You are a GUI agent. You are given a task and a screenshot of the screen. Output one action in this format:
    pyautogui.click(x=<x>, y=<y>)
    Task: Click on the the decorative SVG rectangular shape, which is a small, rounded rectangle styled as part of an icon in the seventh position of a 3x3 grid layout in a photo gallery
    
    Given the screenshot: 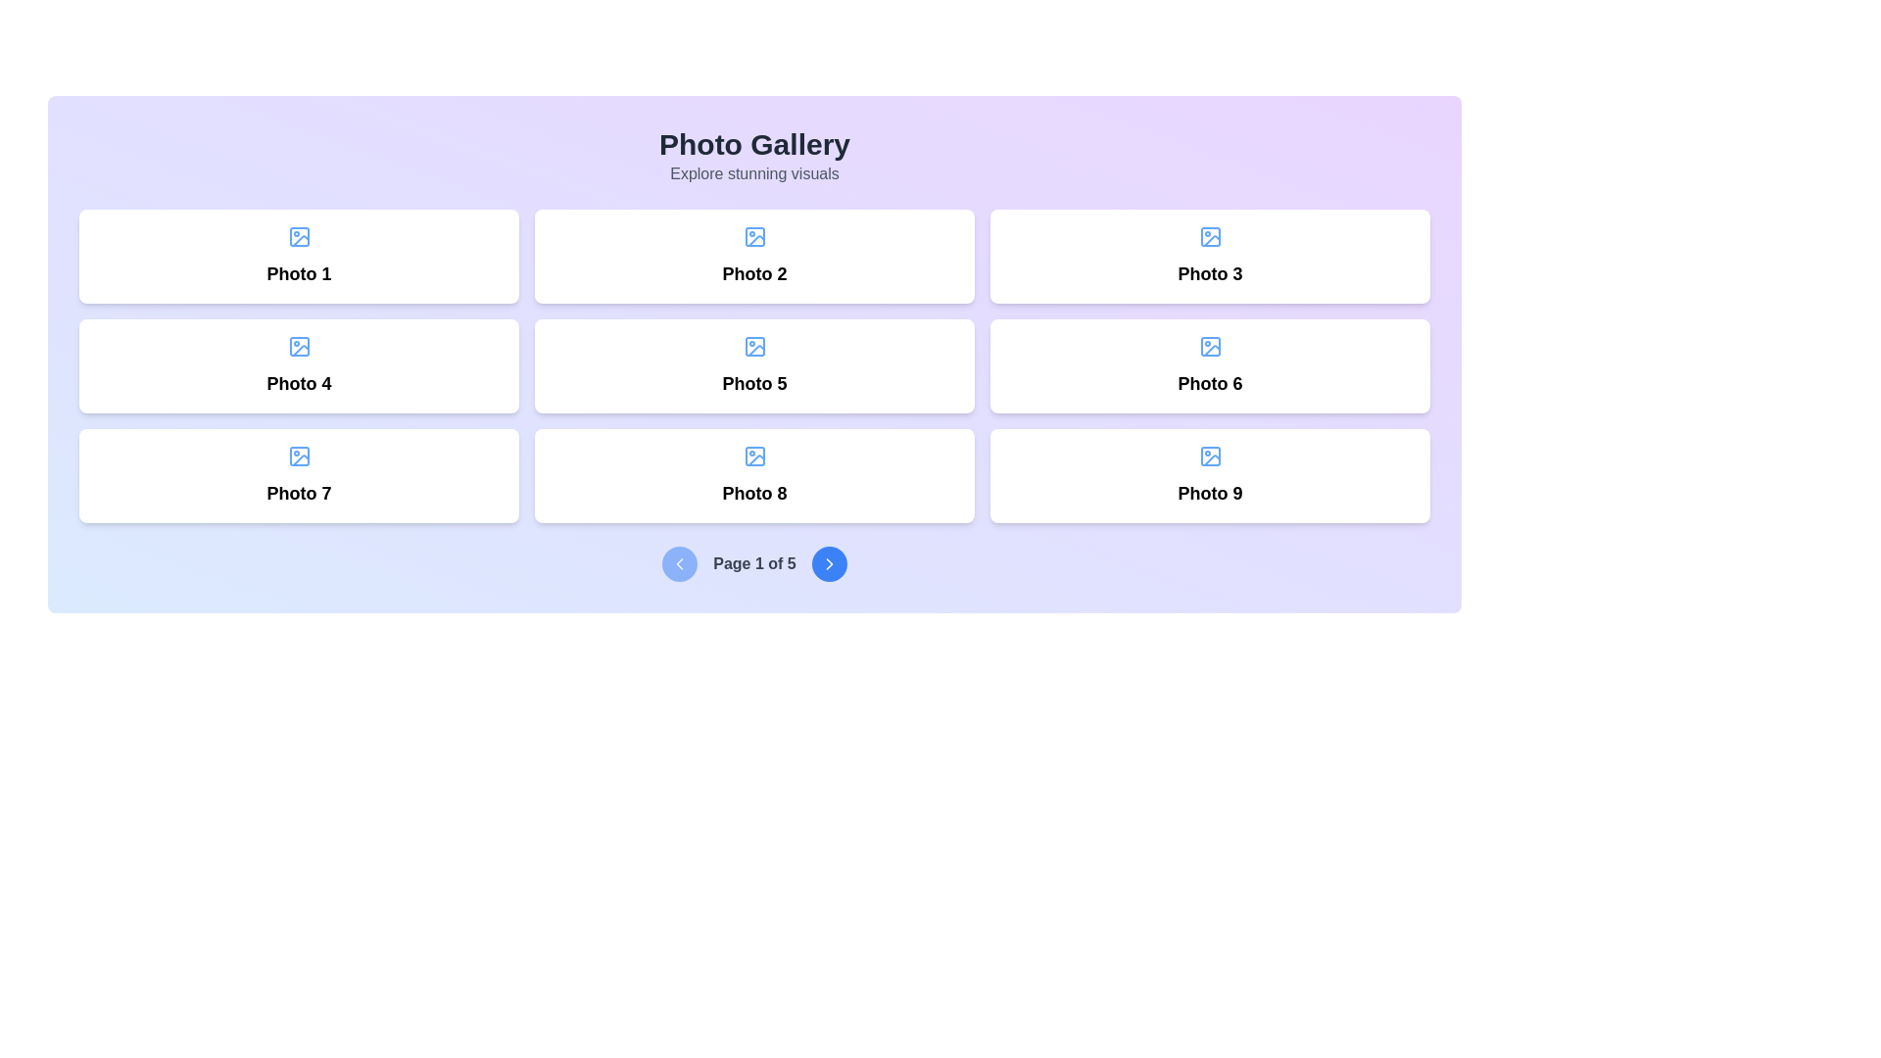 What is the action you would take?
    pyautogui.click(x=298, y=457)
    